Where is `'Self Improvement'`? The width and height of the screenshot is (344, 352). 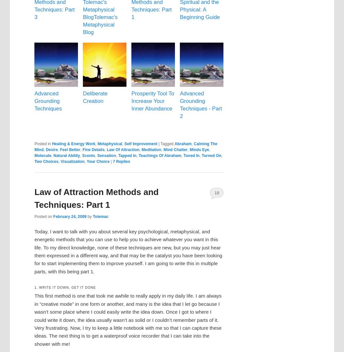
'Self Improvement' is located at coordinates (140, 143).